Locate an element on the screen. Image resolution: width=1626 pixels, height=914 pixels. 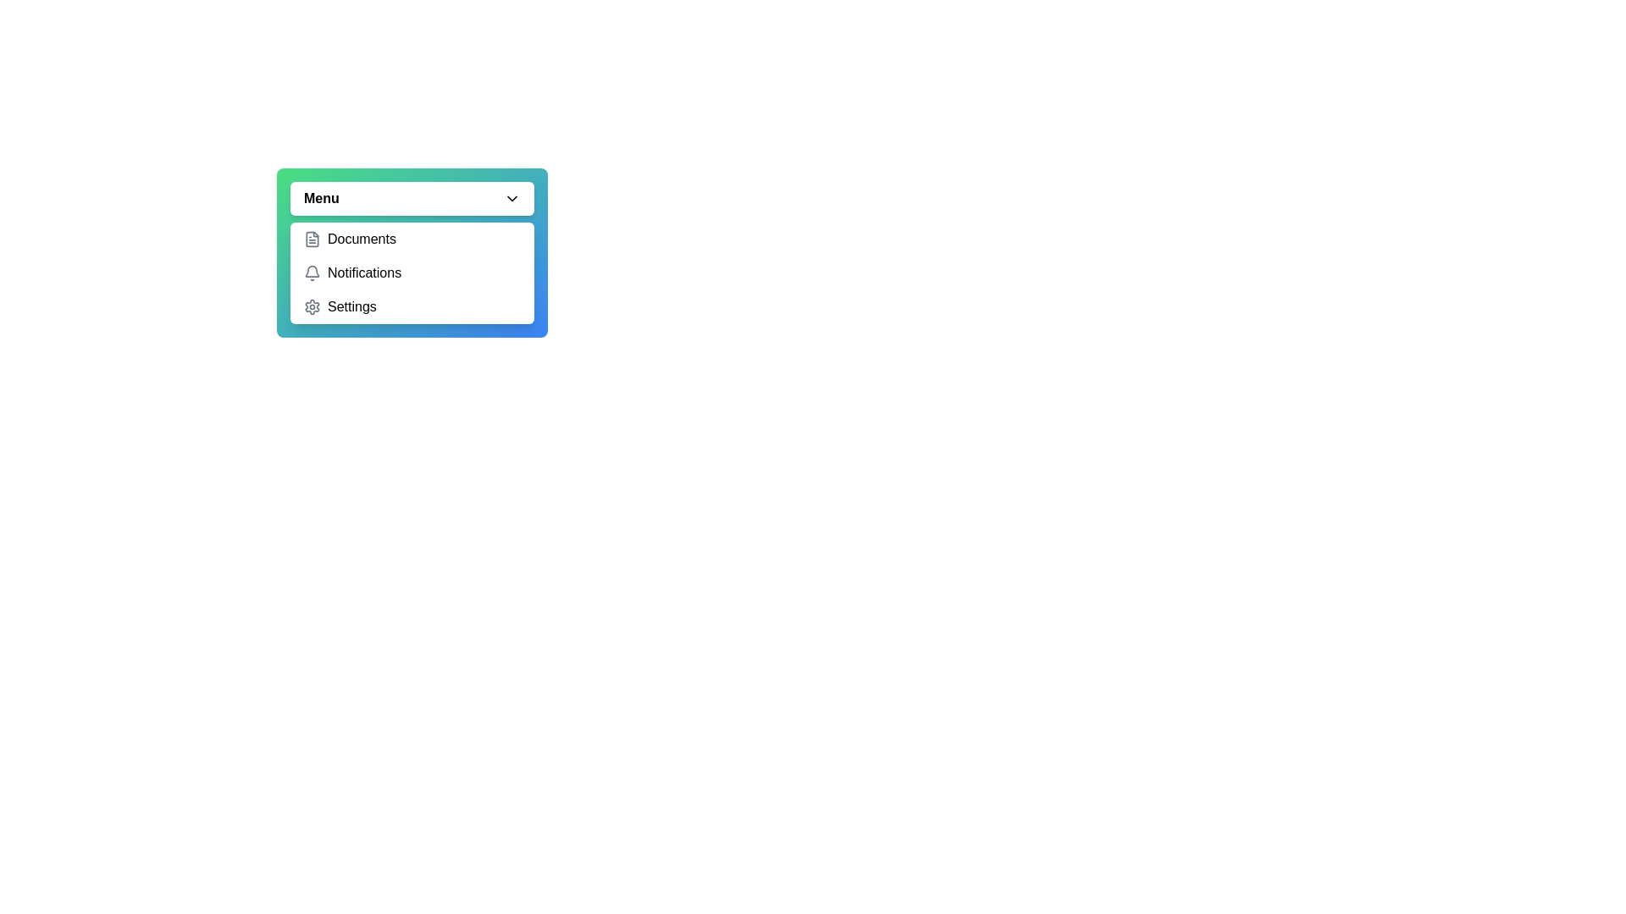
the collapsible menu icon located to the right of the 'Menu' button is located at coordinates (511, 198).